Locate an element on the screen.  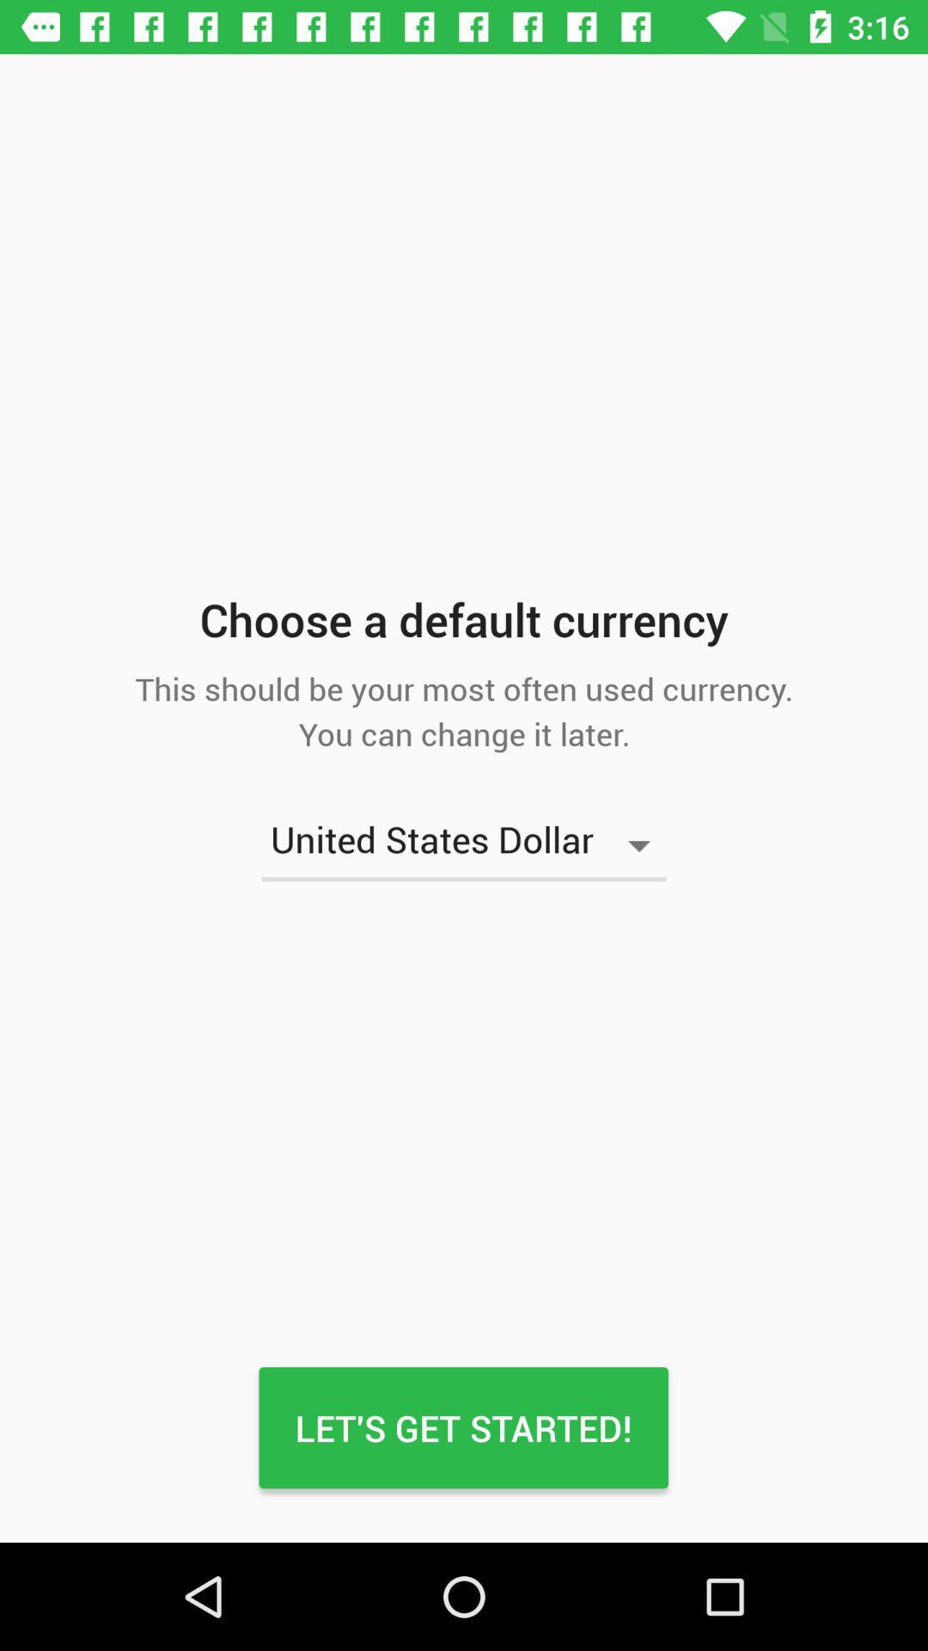
the icon below the united states dollar item is located at coordinates (462, 1427).